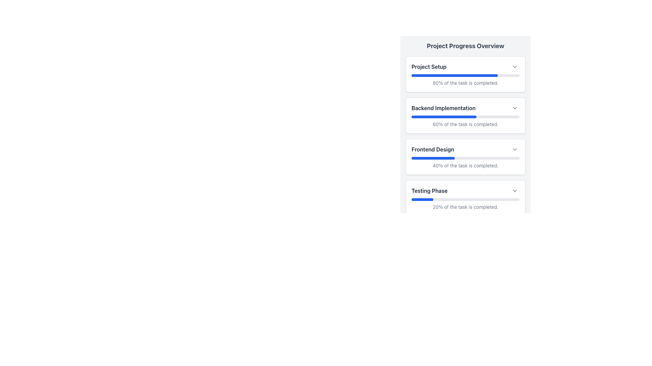 The image size is (652, 366). What do you see at coordinates (465, 46) in the screenshot?
I see `text heading located at the top of the project progress section, which provides context for the content below` at bounding box center [465, 46].